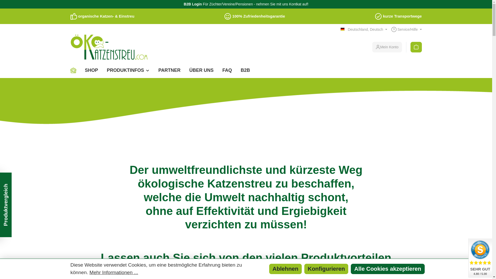 The width and height of the screenshot is (496, 279). Describe the element at coordinates (113, 272) in the screenshot. I see `'Mehr Informationen ...'` at that location.